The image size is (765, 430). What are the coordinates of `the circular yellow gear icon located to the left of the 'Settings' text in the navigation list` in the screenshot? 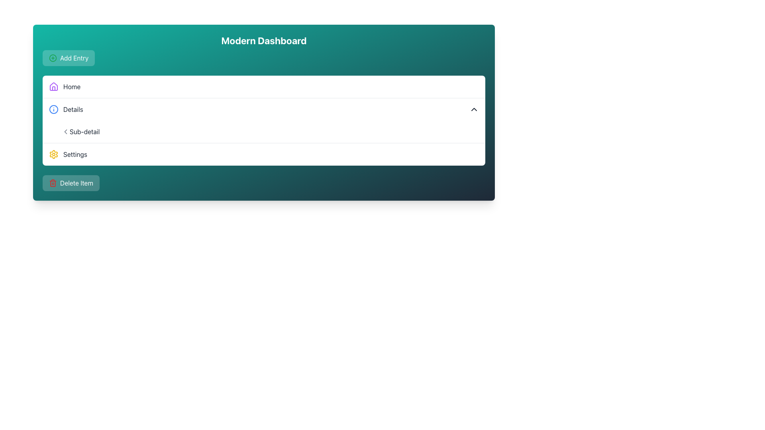 It's located at (53, 154).